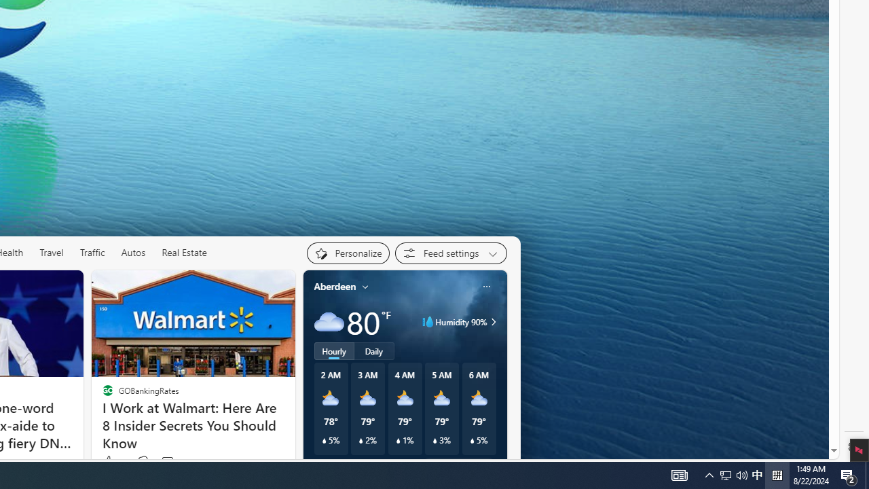  Describe the element at coordinates (348, 253) in the screenshot. I see `'Personalize your feed"'` at that location.